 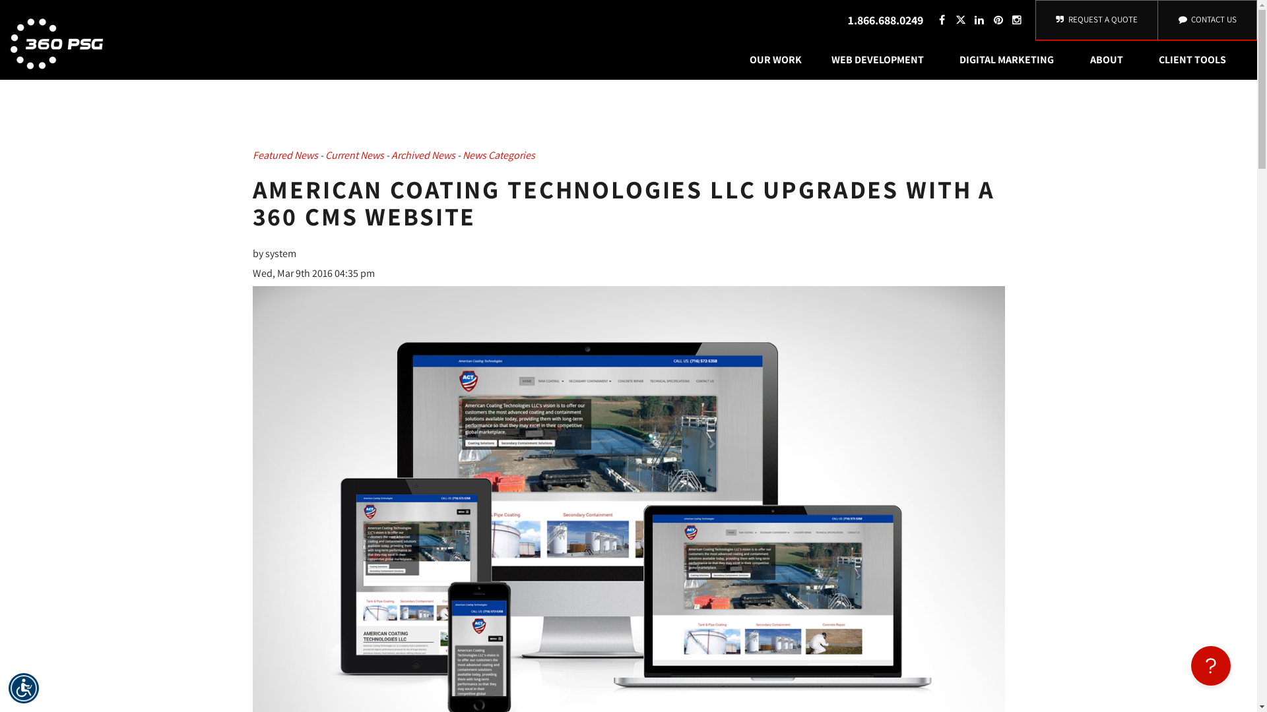 I want to click on 'CLIENT TOOLS', so click(x=1195, y=60).